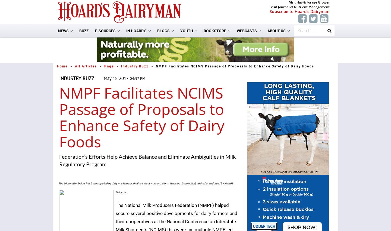 This screenshot has width=391, height=231. What do you see at coordinates (268, 82) in the screenshot?
I see `'DairyLivestream Podcasts'` at bounding box center [268, 82].